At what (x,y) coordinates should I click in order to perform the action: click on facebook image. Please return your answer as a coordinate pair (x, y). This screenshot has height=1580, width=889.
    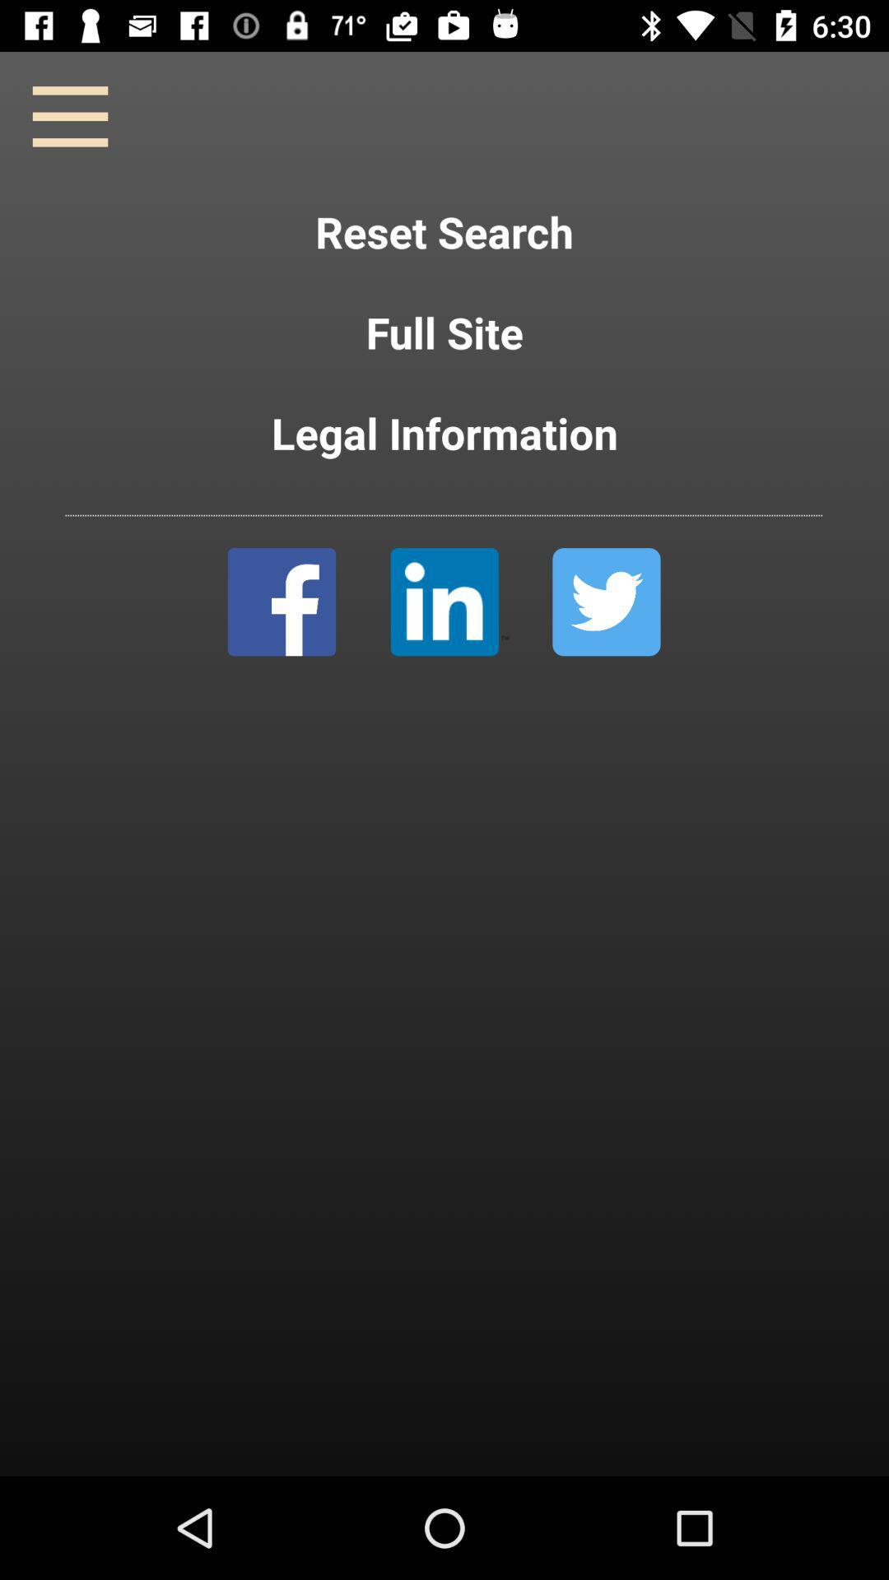
    Looking at the image, I should click on (281, 601).